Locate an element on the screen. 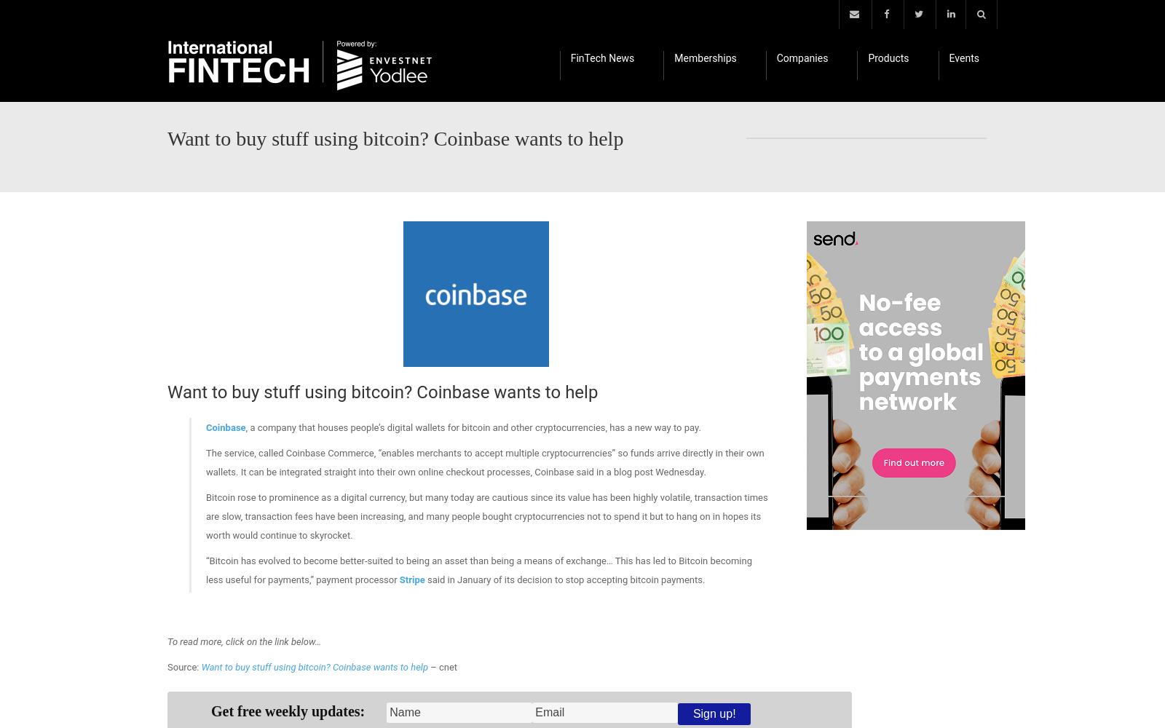 The image size is (1165, 728). '– cnet' is located at coordinates (442, 667).